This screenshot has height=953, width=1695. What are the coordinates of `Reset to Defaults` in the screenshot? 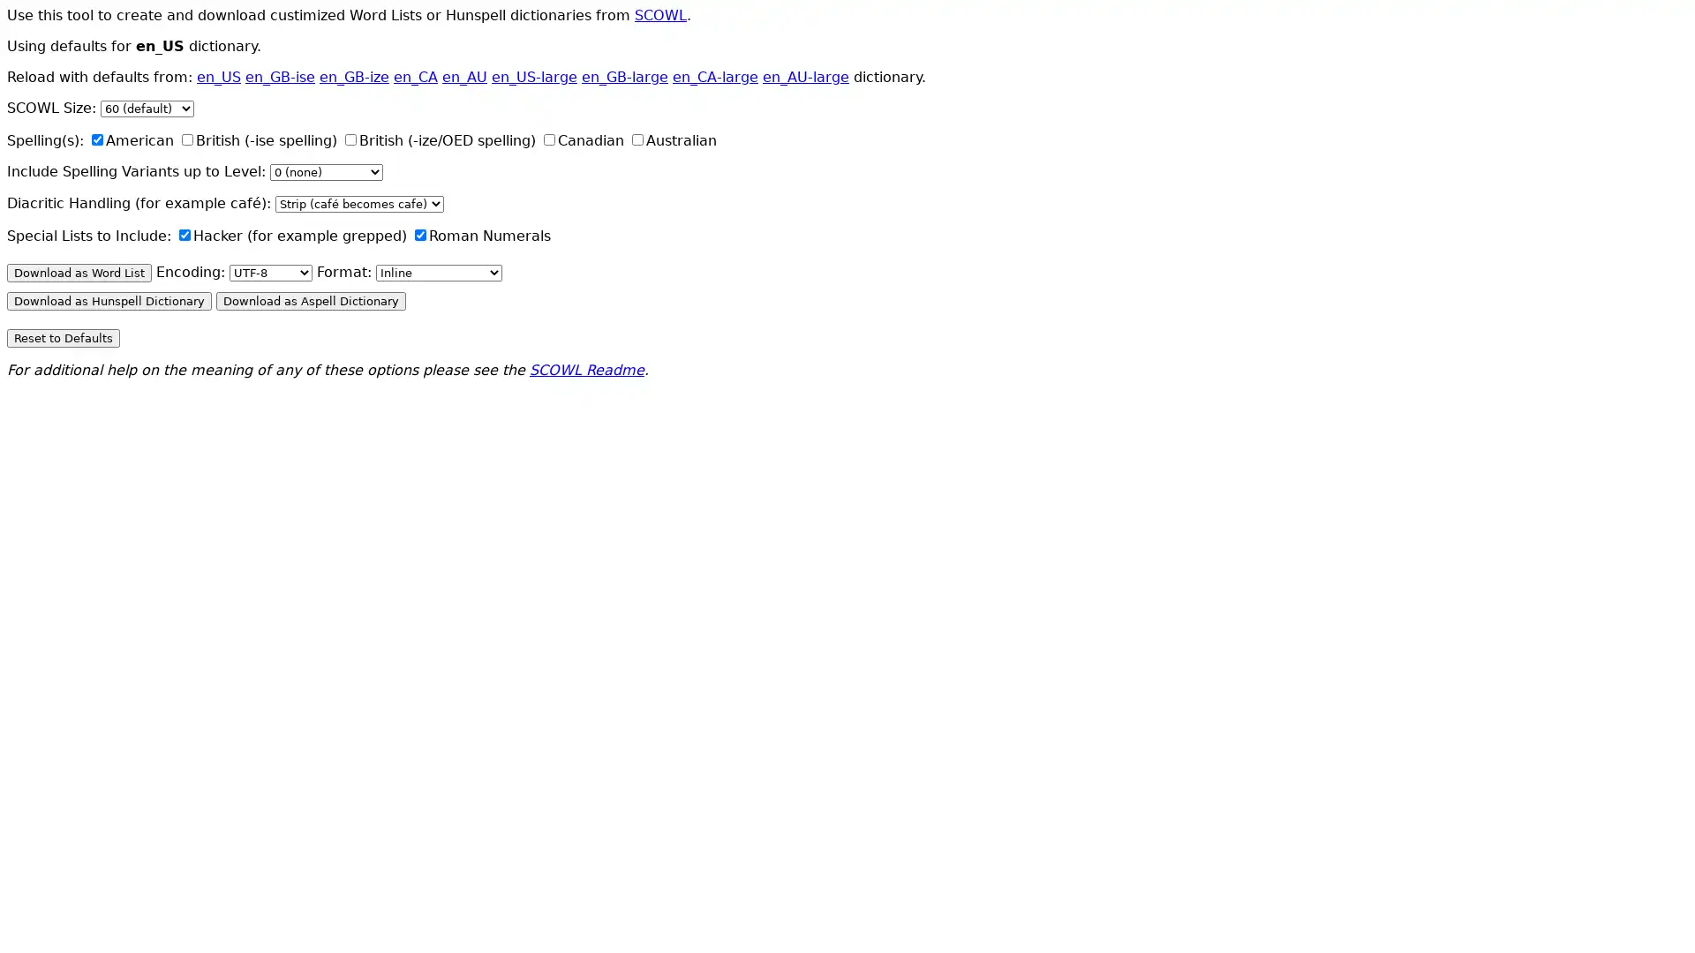 It's located at (64, 338).